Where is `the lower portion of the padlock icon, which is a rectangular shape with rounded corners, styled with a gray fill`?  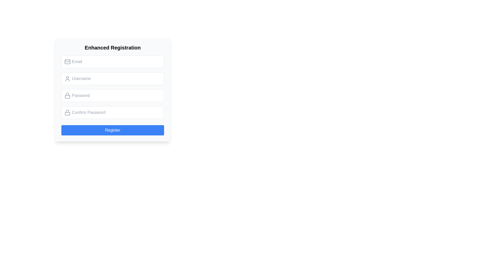
the lower portion of the padlock icon, which is a rectangular shape with rounded corners, styled with a gray fill is located at coordinates (67, 97).